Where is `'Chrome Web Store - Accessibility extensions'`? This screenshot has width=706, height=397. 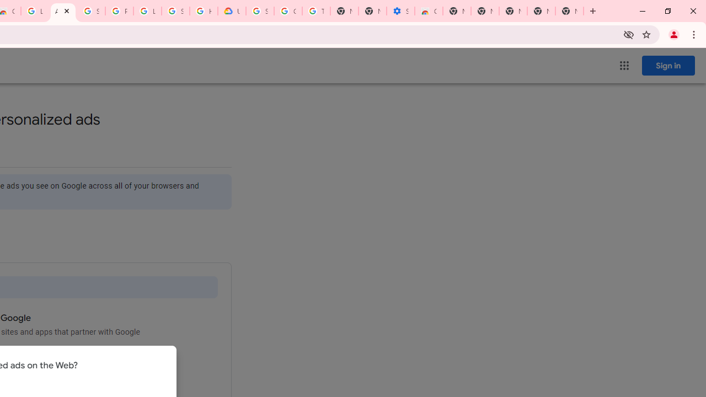
'Chrome Web Store - Accessibility extensions' is located at coordinates (427, 11).